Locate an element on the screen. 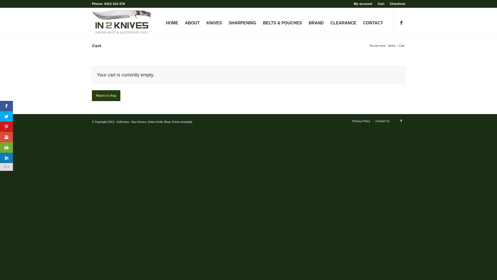  'Checkout' is located at coordinates (390, 4).